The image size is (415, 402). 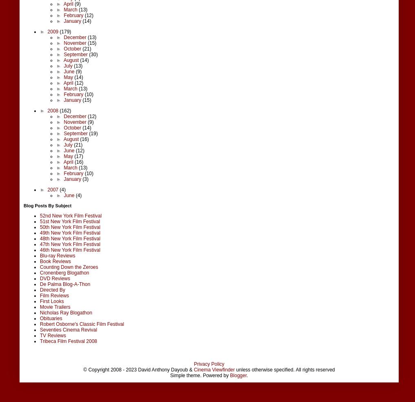 I want to click on '2007', so click(x=53, y=189).